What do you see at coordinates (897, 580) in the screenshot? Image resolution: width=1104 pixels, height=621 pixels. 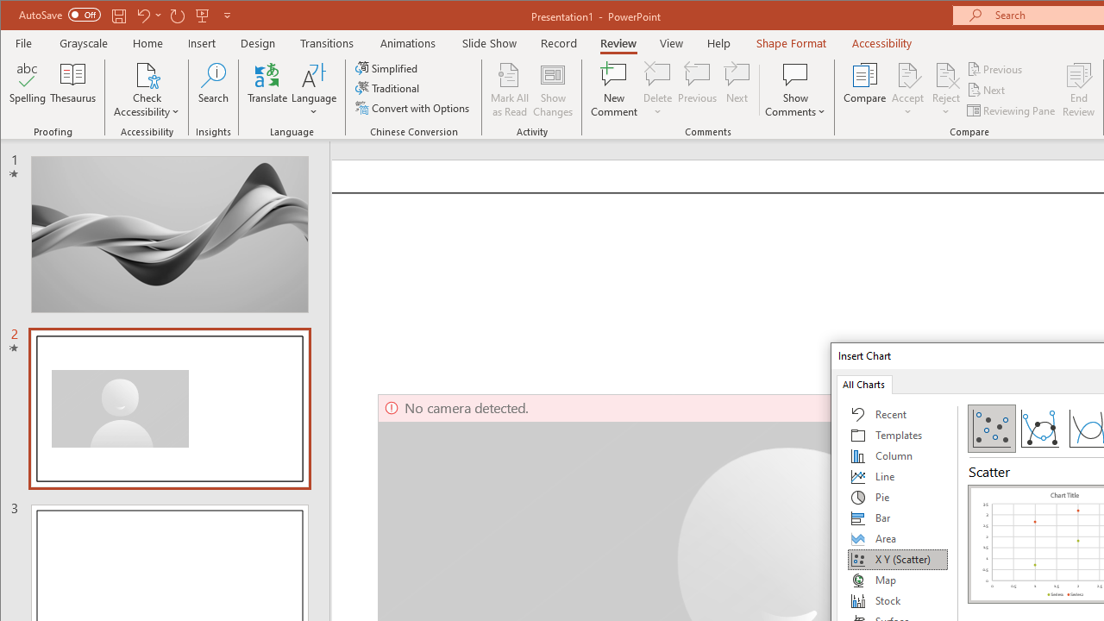 I see `'Map'` at bounding box center [897, 580].